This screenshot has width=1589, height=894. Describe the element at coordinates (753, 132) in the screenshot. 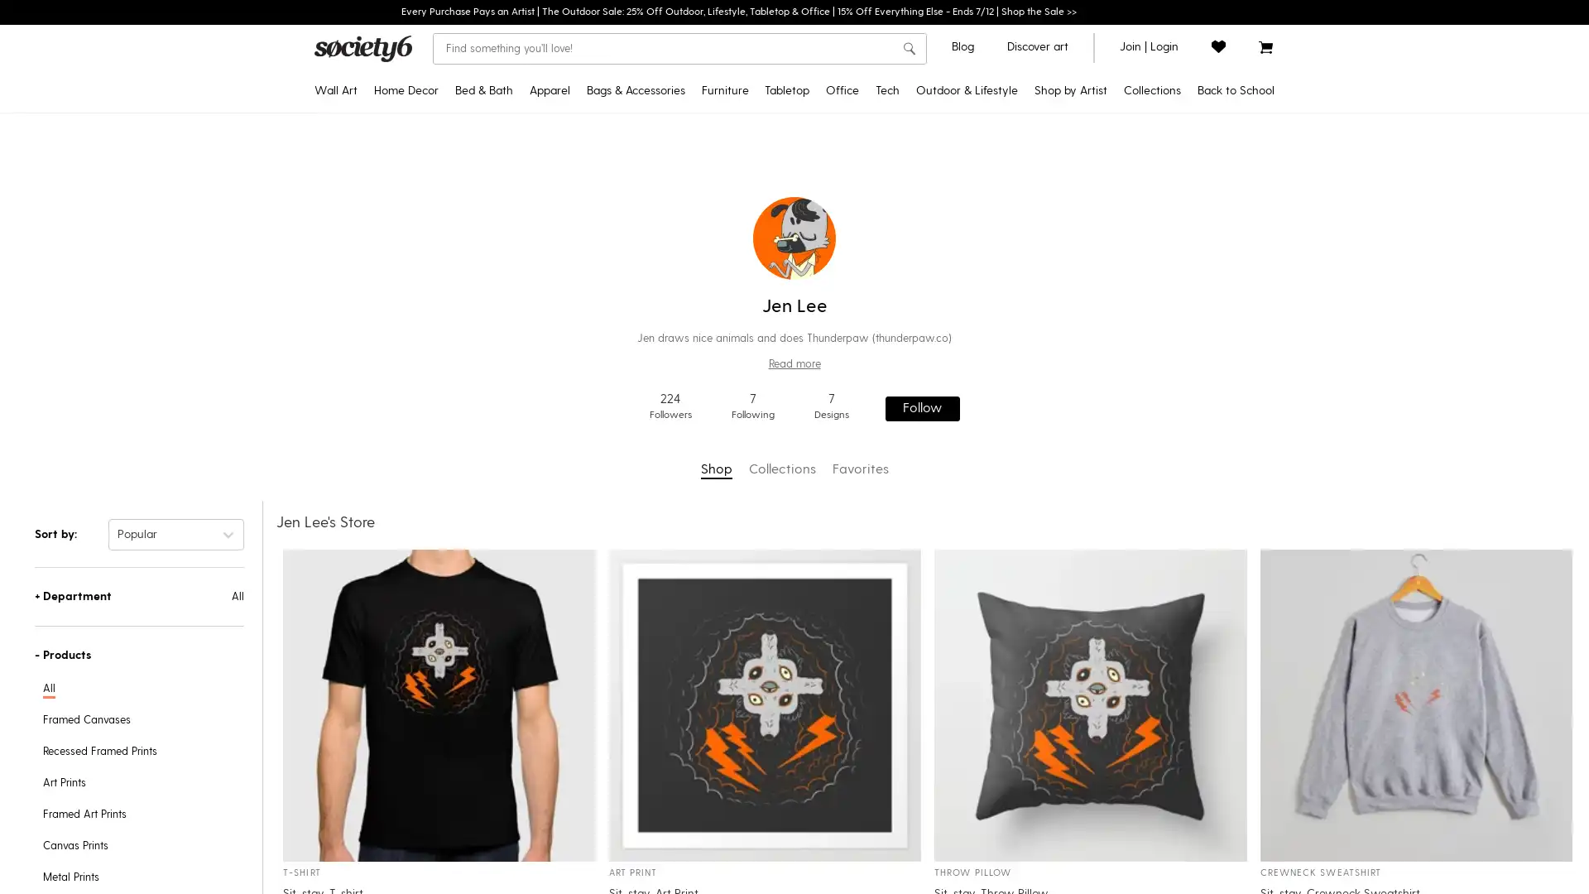

I see `Credenzas` at that location.